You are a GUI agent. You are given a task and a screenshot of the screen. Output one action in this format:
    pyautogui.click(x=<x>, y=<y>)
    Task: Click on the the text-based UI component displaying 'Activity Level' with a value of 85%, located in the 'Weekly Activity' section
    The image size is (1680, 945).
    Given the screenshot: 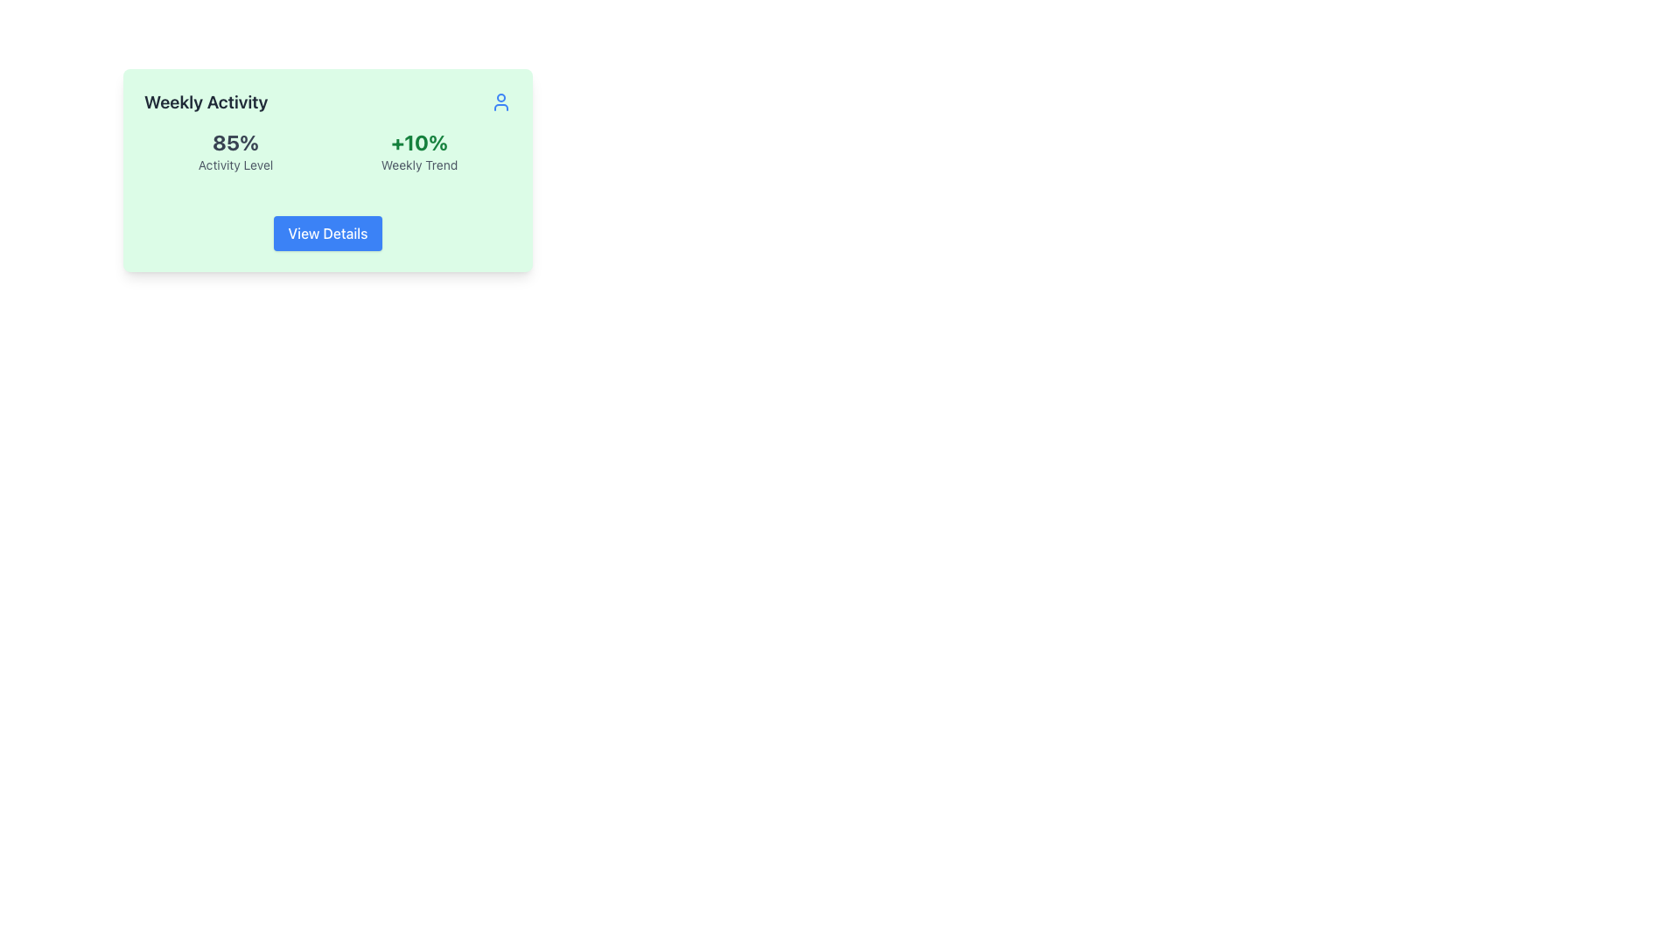 What is the action you would take?
    pyautogui.click(x=234, y=150)
    